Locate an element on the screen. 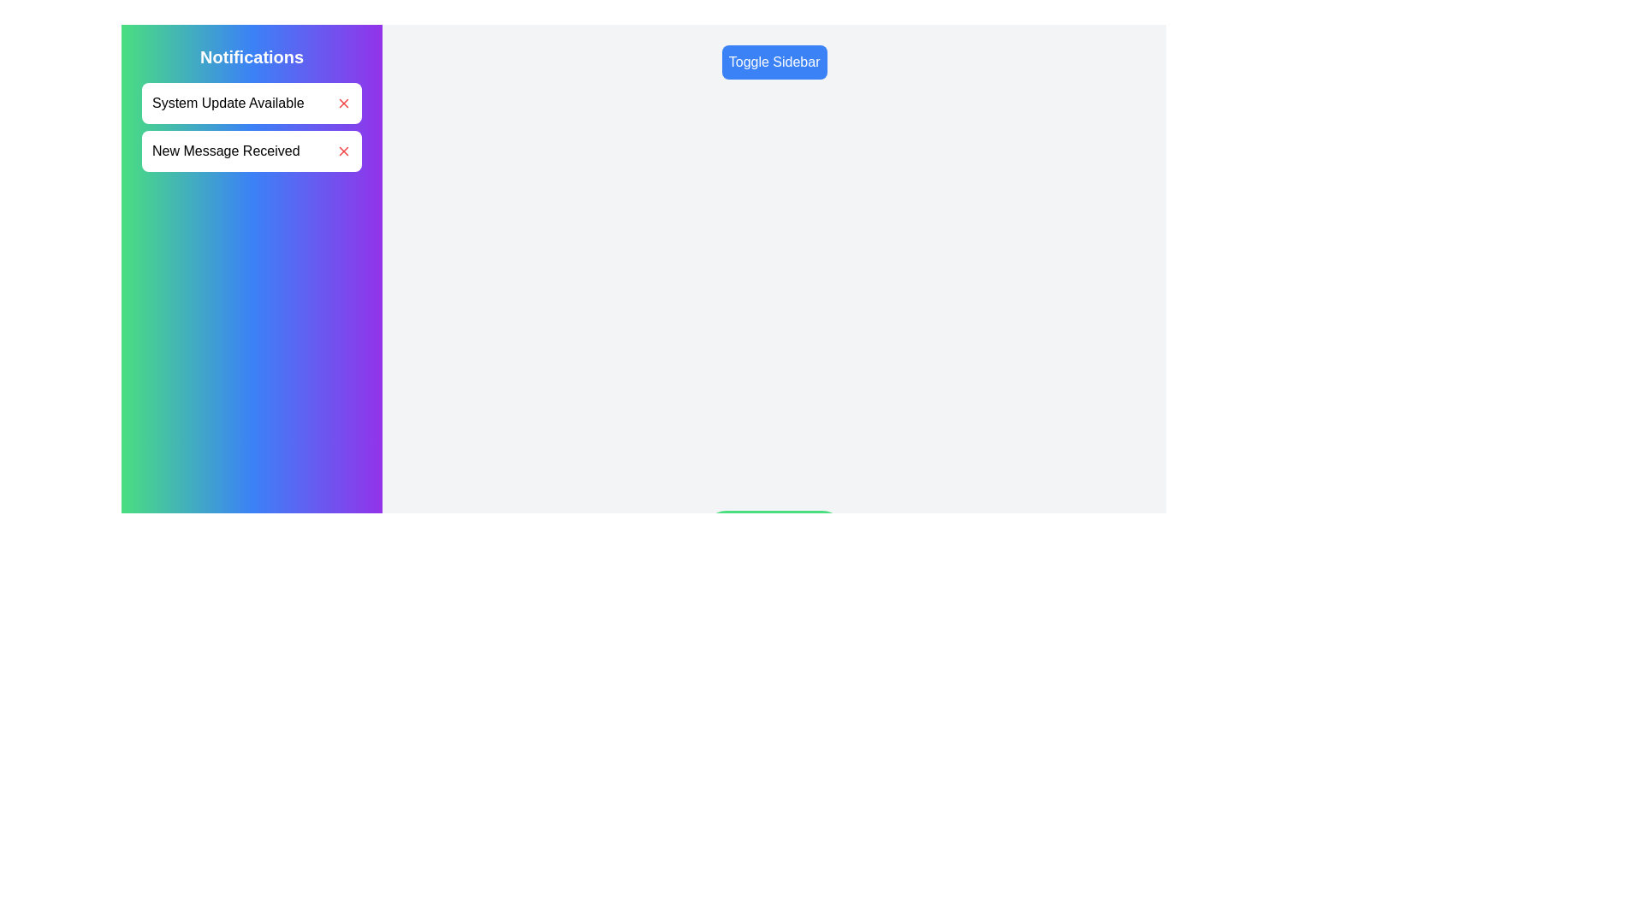 Image resolution: width=1643 pixels, height=924 pixels. the centrally positioned toggle button in the top section of the gray area is located at coordinates (774, 62).